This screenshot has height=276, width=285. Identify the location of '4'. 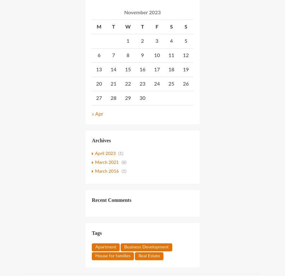
(171, 40).